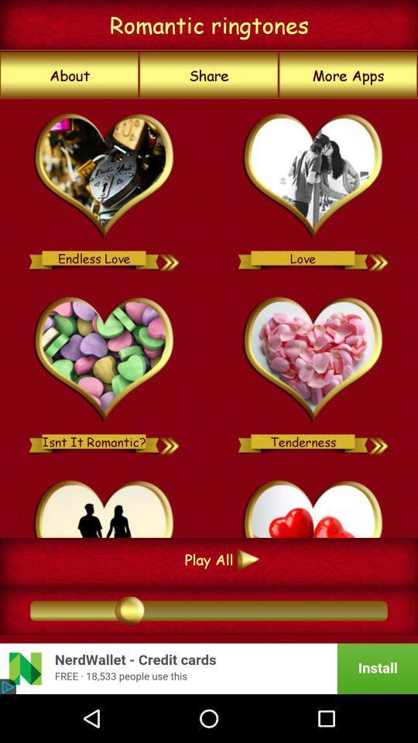  I want to click on specific ringtones catalogue, so click(313, 360).